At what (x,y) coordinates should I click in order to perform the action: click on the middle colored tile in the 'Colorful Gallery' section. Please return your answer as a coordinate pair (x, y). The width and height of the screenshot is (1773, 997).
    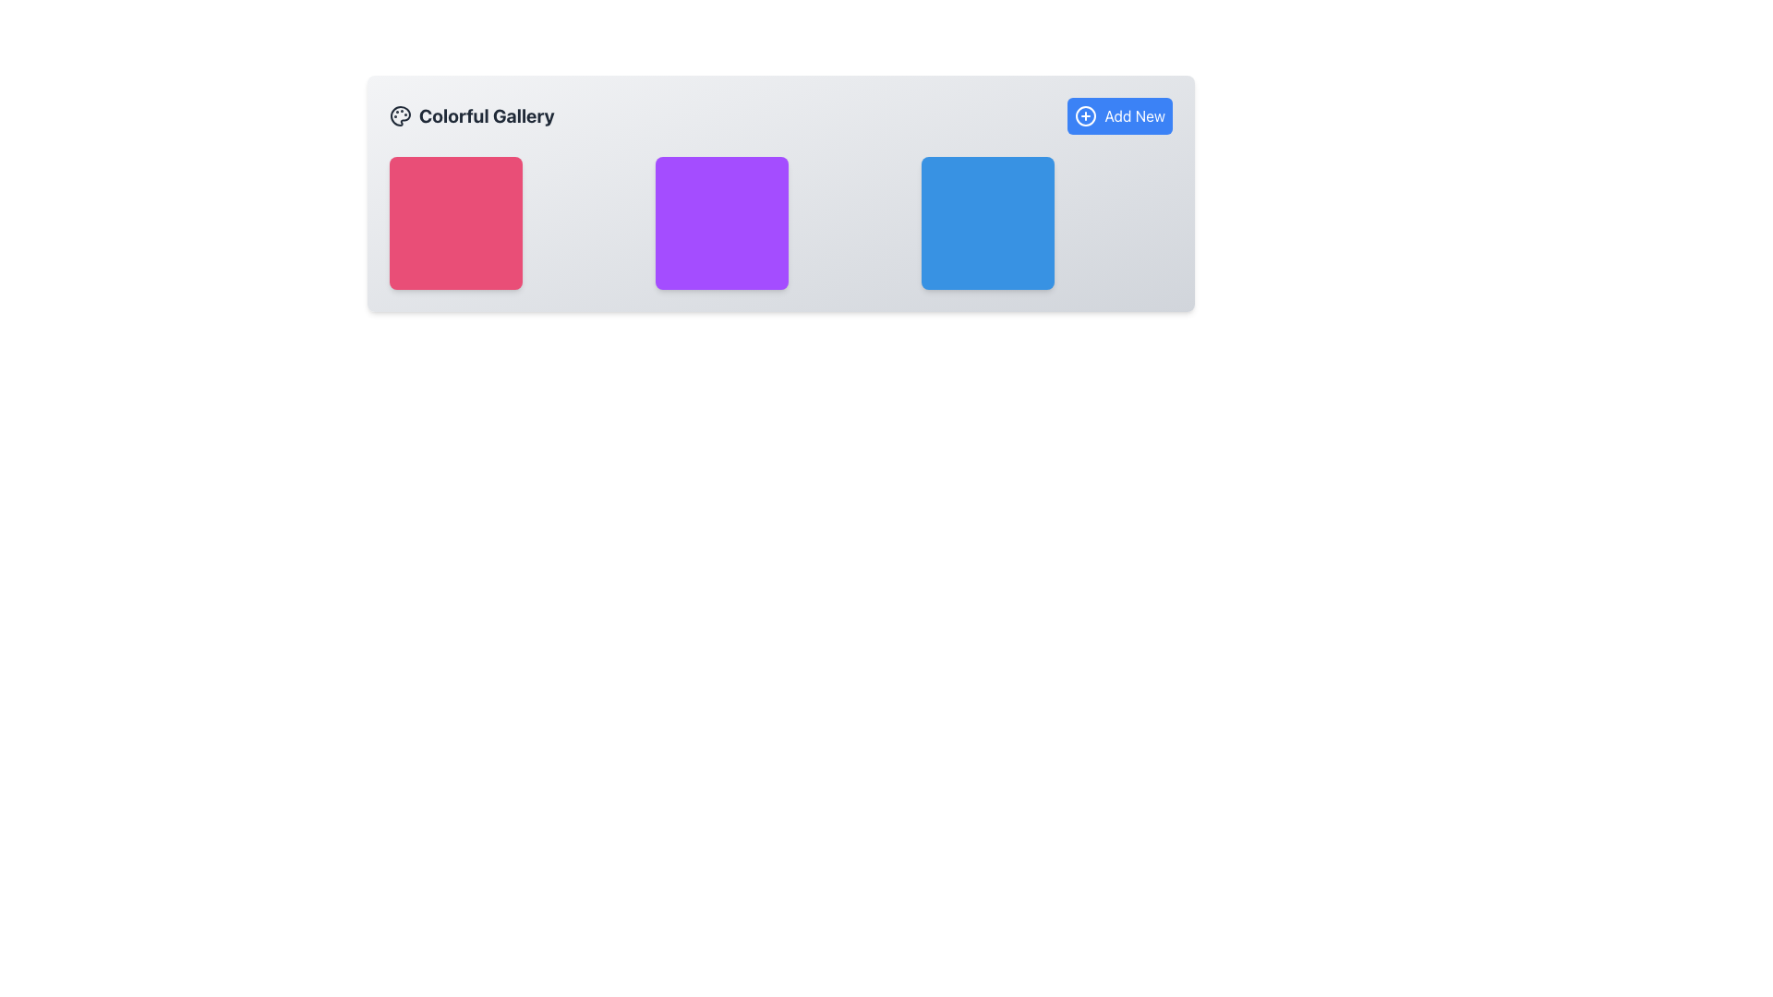
    Looking at the image, I should click on (721, 222).